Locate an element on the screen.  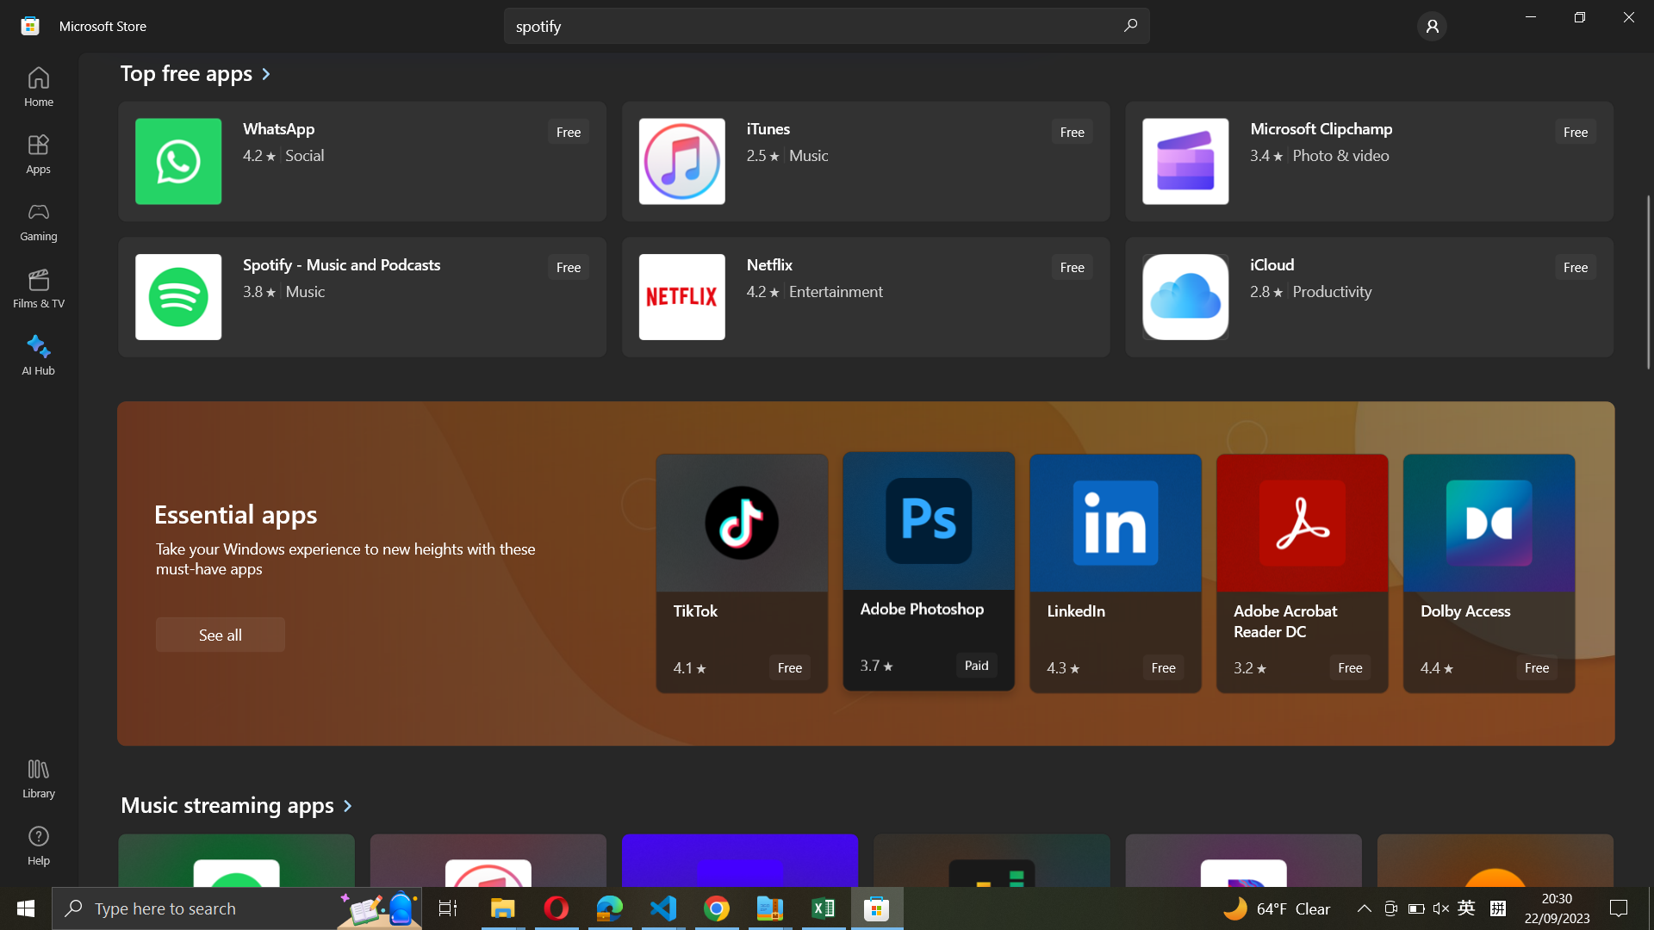
Library is located at coordinates (37, 780).